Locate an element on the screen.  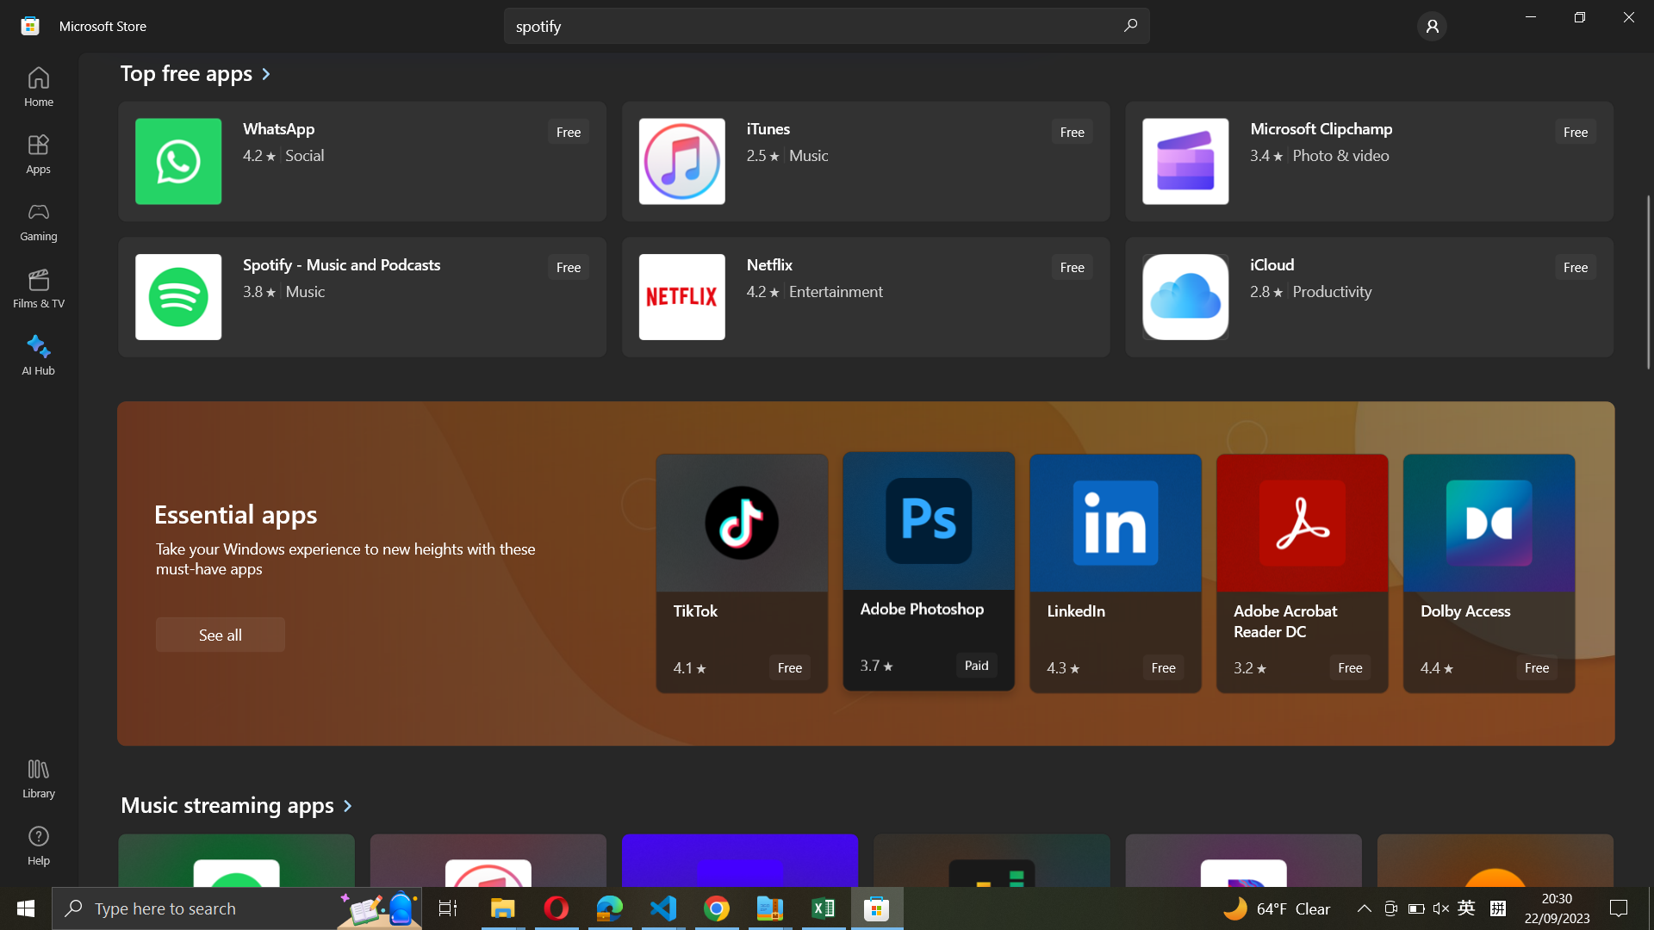
Library is located at coordinates (37, 780).